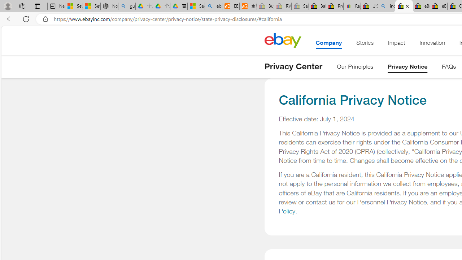 Image resolution: width=462 pixels, height=260 pixels. Describe the element at coordinates (407, 6) in the screenshot. I see `'Close tab'` at that location.